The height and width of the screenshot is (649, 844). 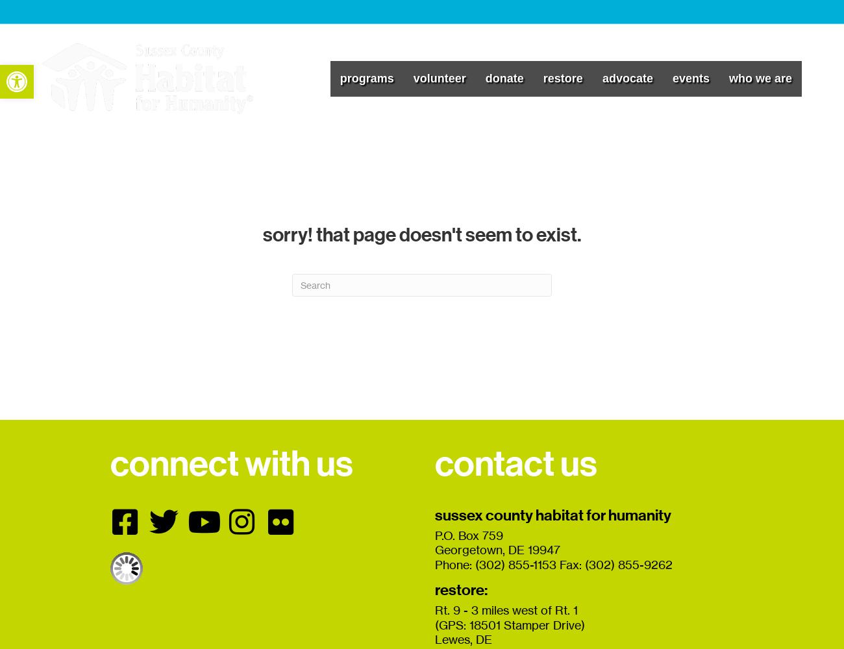 I want to click on 'Advocate', so click(x=602, y=77).